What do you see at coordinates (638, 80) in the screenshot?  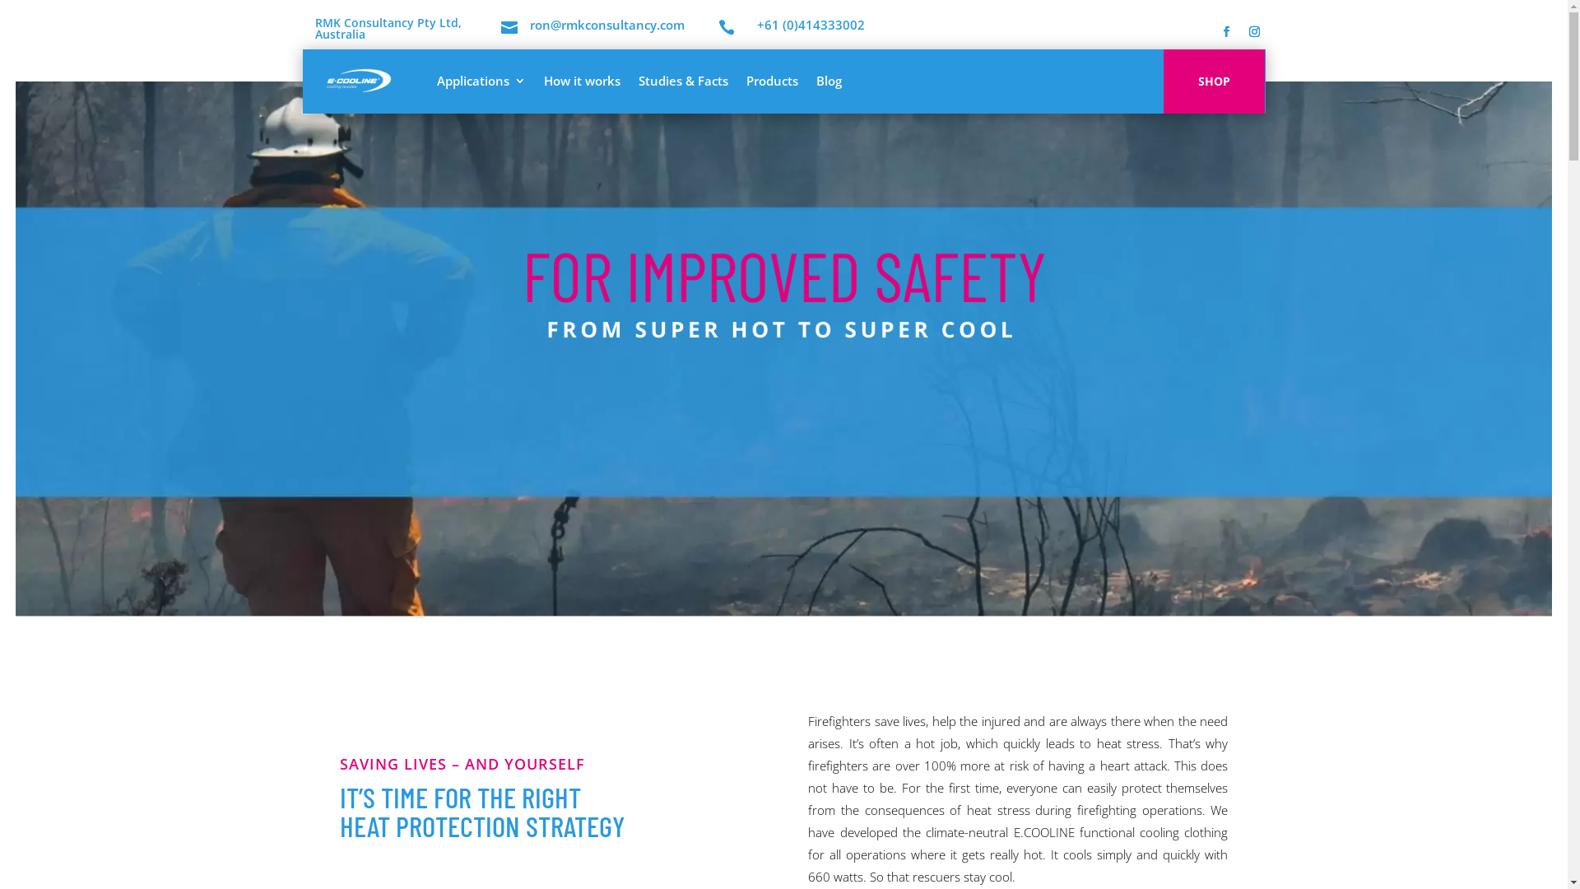 I see `'Studies & Facts'` at bounding box center [638, 80].